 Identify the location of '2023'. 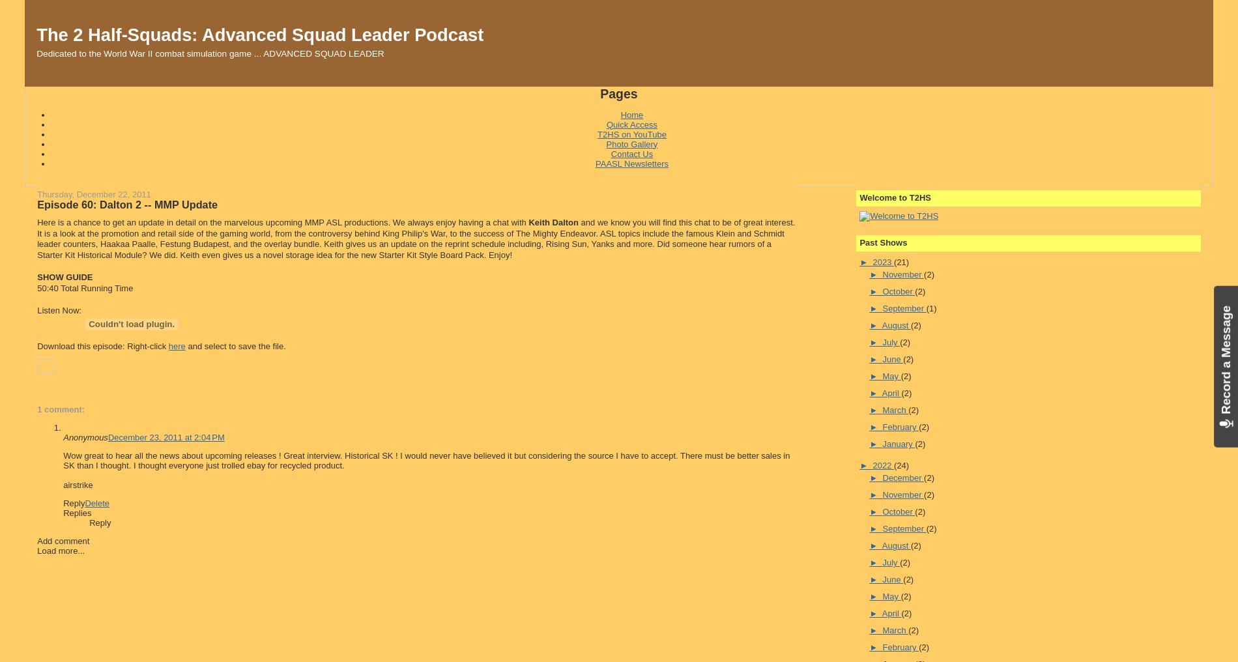
(882, 261).